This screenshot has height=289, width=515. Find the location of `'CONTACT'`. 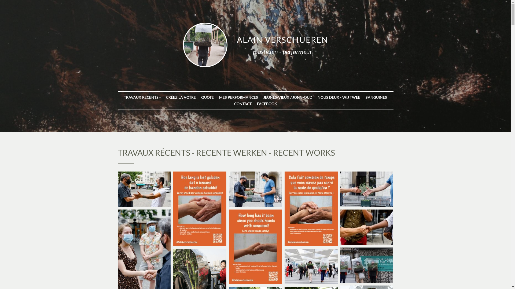

'CONTACT' is located at coordinates (242, 104).